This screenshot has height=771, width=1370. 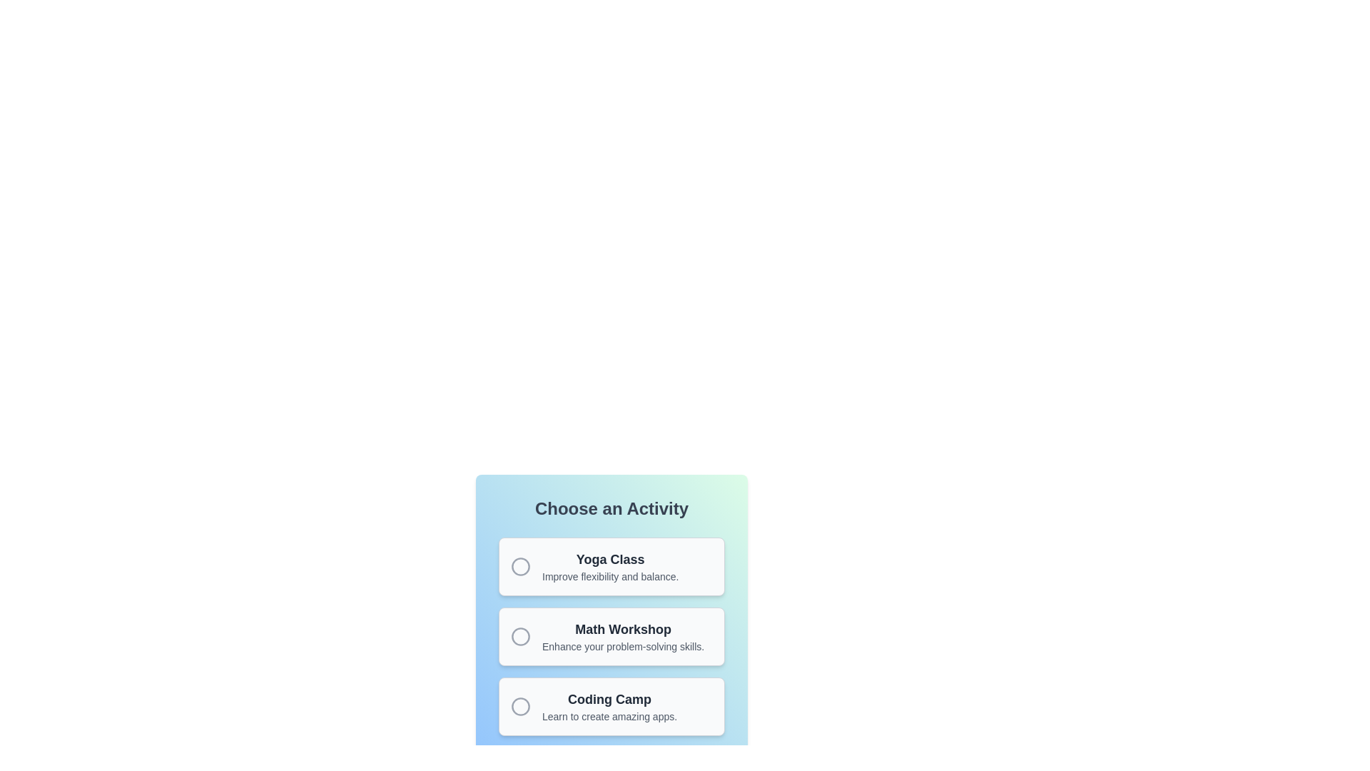 What do you see at coordinates (612, 566) in the screenshot?
I see `the first list item labeled 'Yoga Class' with a light-gray background, featuring a circular icon and two lines of text` at bounding box center [612, 566].